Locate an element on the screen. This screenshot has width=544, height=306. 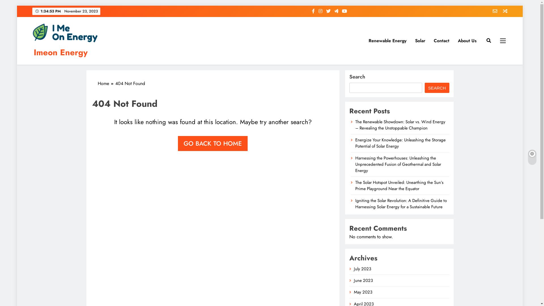
'May 2023' is located at coordinates (363, 292).